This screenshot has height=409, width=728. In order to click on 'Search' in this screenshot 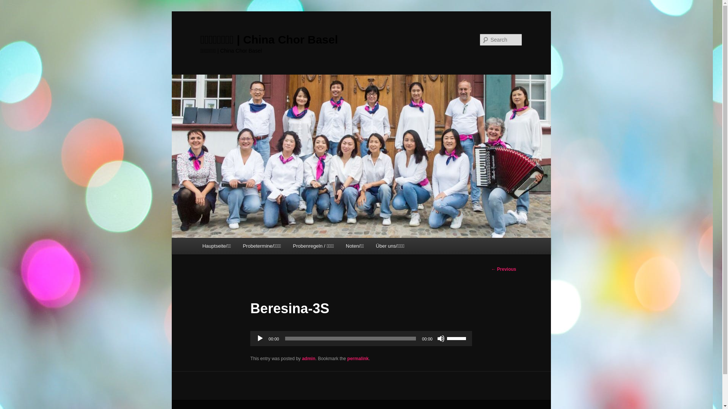, I will do `click(12, 4)`.